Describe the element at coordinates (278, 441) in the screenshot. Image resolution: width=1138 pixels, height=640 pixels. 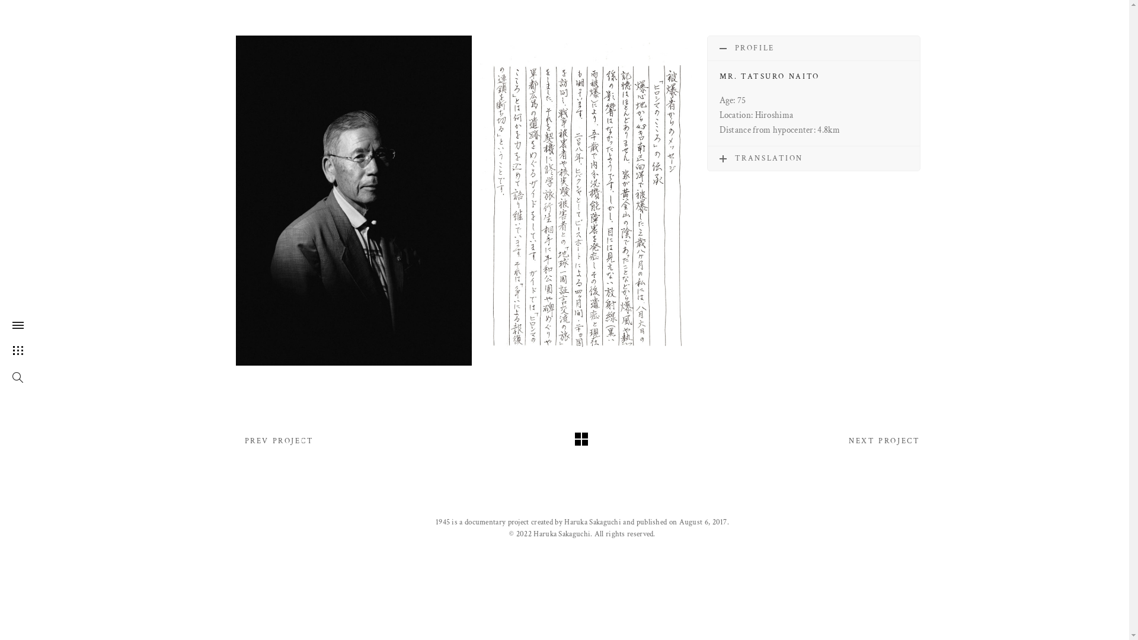
I see `'PREV PROJECT'` at that location.